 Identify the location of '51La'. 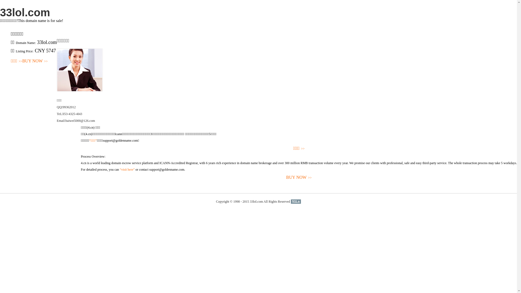
(296, 202).